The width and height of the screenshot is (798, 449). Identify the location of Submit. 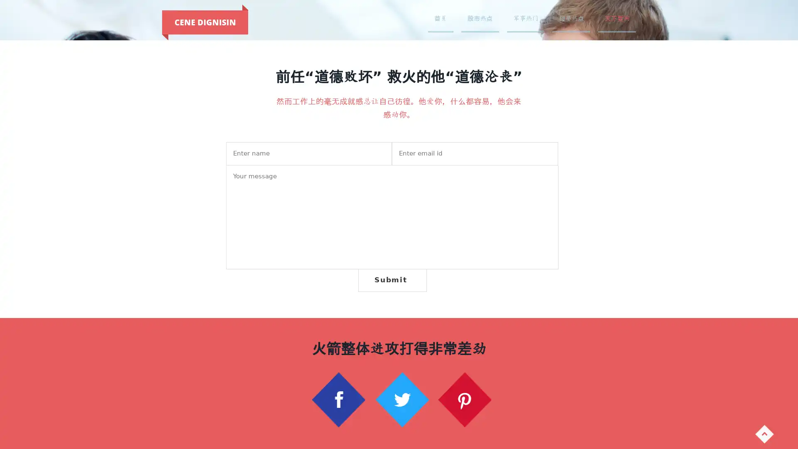
(392, 280).